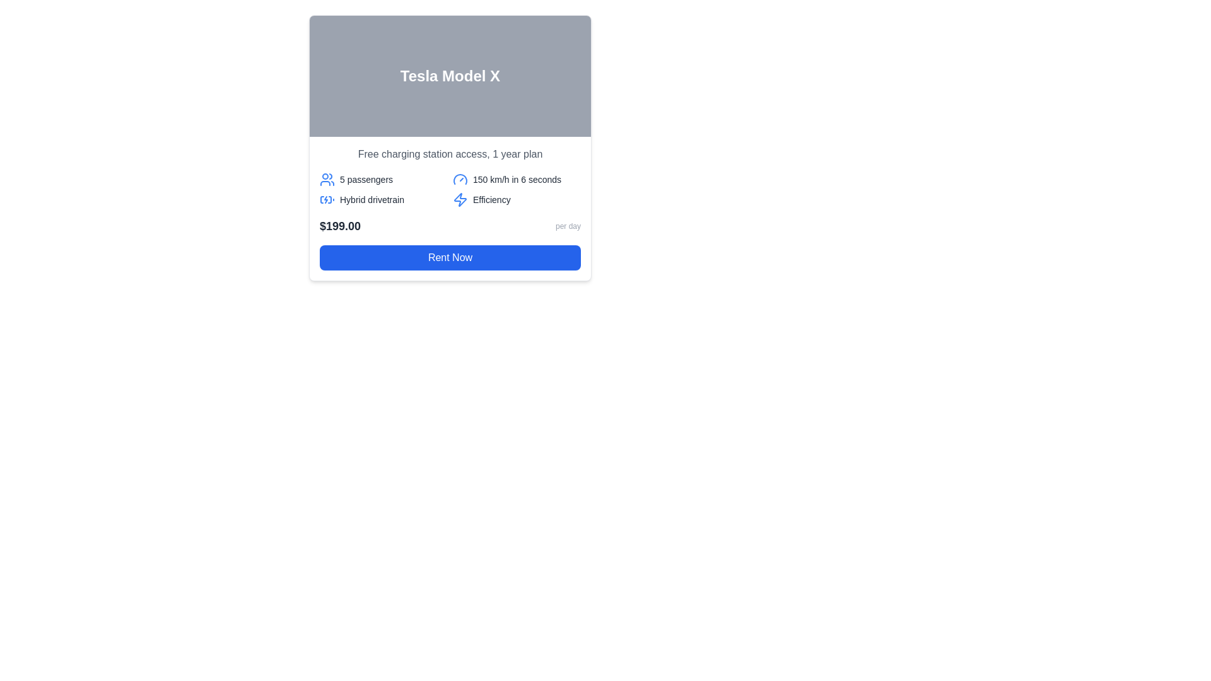  I want to click on information from the 'Hybrid drivetrain' text with icon located in the bottom-left cell of the feature section, under '5 passengers' and to the left of 'Efficiency', so click(383, 199).